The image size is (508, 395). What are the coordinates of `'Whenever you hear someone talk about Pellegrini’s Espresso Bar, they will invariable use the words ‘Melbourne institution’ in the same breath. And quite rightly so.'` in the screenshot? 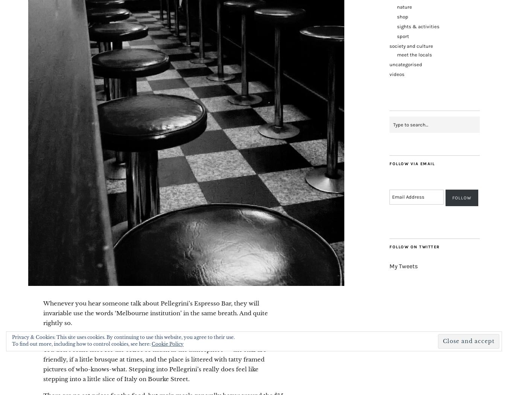 It's located at (155, 313).